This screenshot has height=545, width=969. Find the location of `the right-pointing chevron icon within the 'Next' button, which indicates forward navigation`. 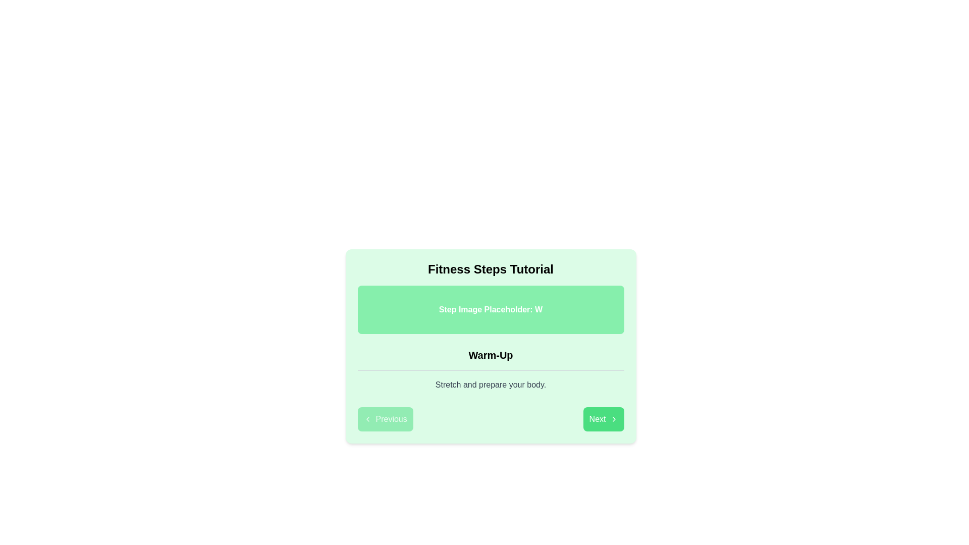

the right-pointing chevron icon within the 'Next' button, which indicates forward navigation is located at coordinates (613, 419).